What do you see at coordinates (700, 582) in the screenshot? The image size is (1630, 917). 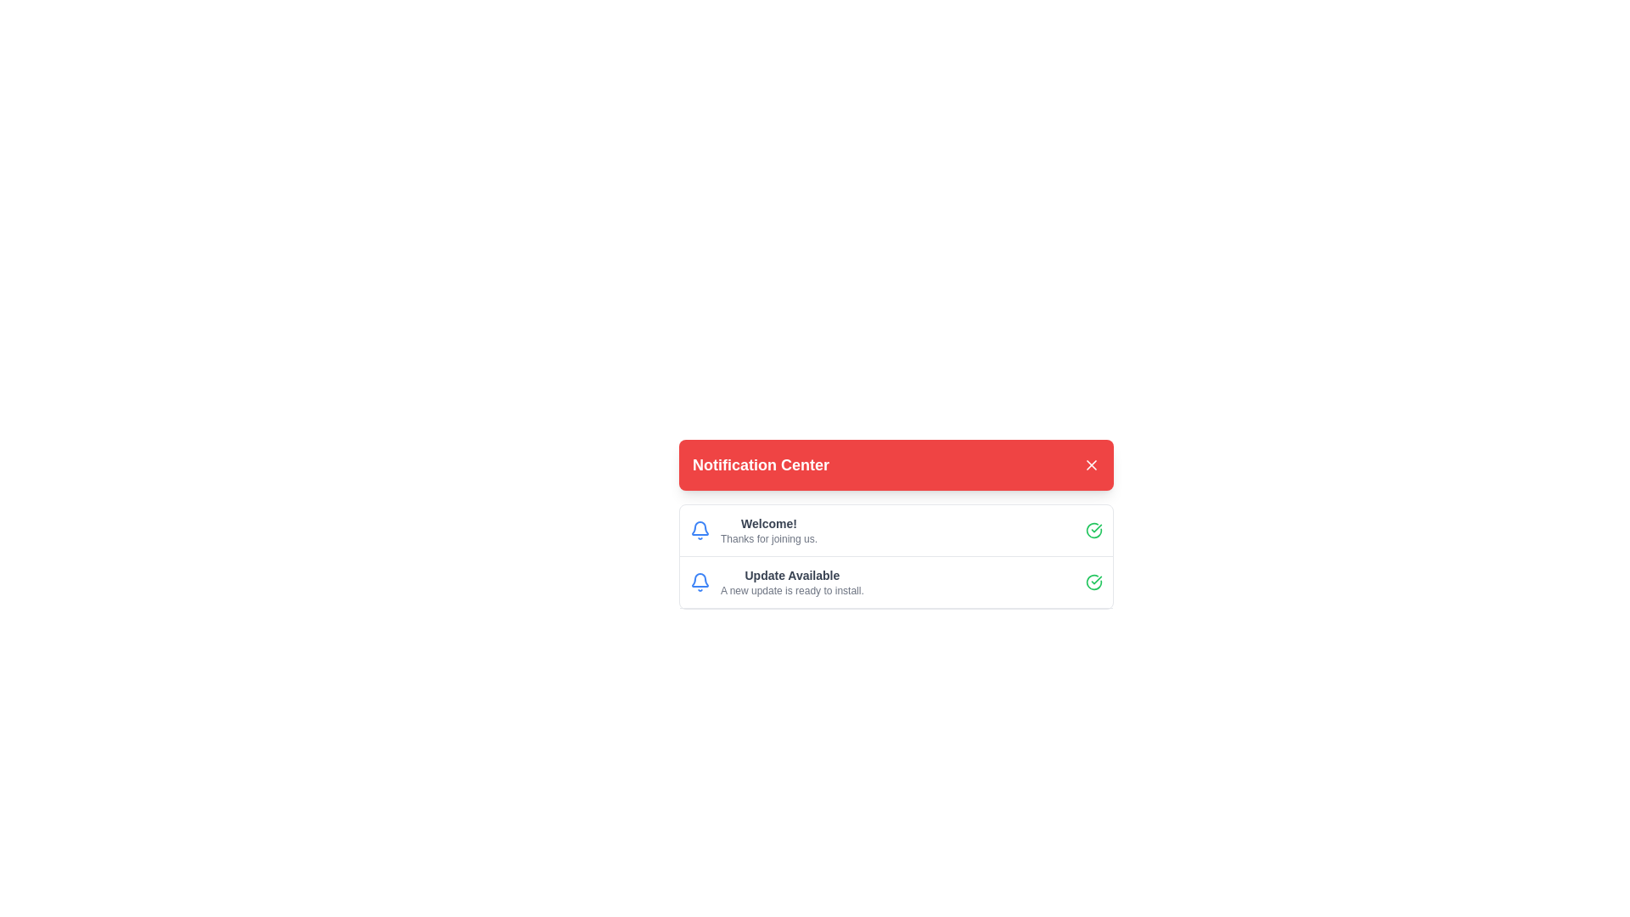 I see `the blue bell icon located on the left side of the second row, just before the 'Update Available' text` at bounding box center [700, 582].